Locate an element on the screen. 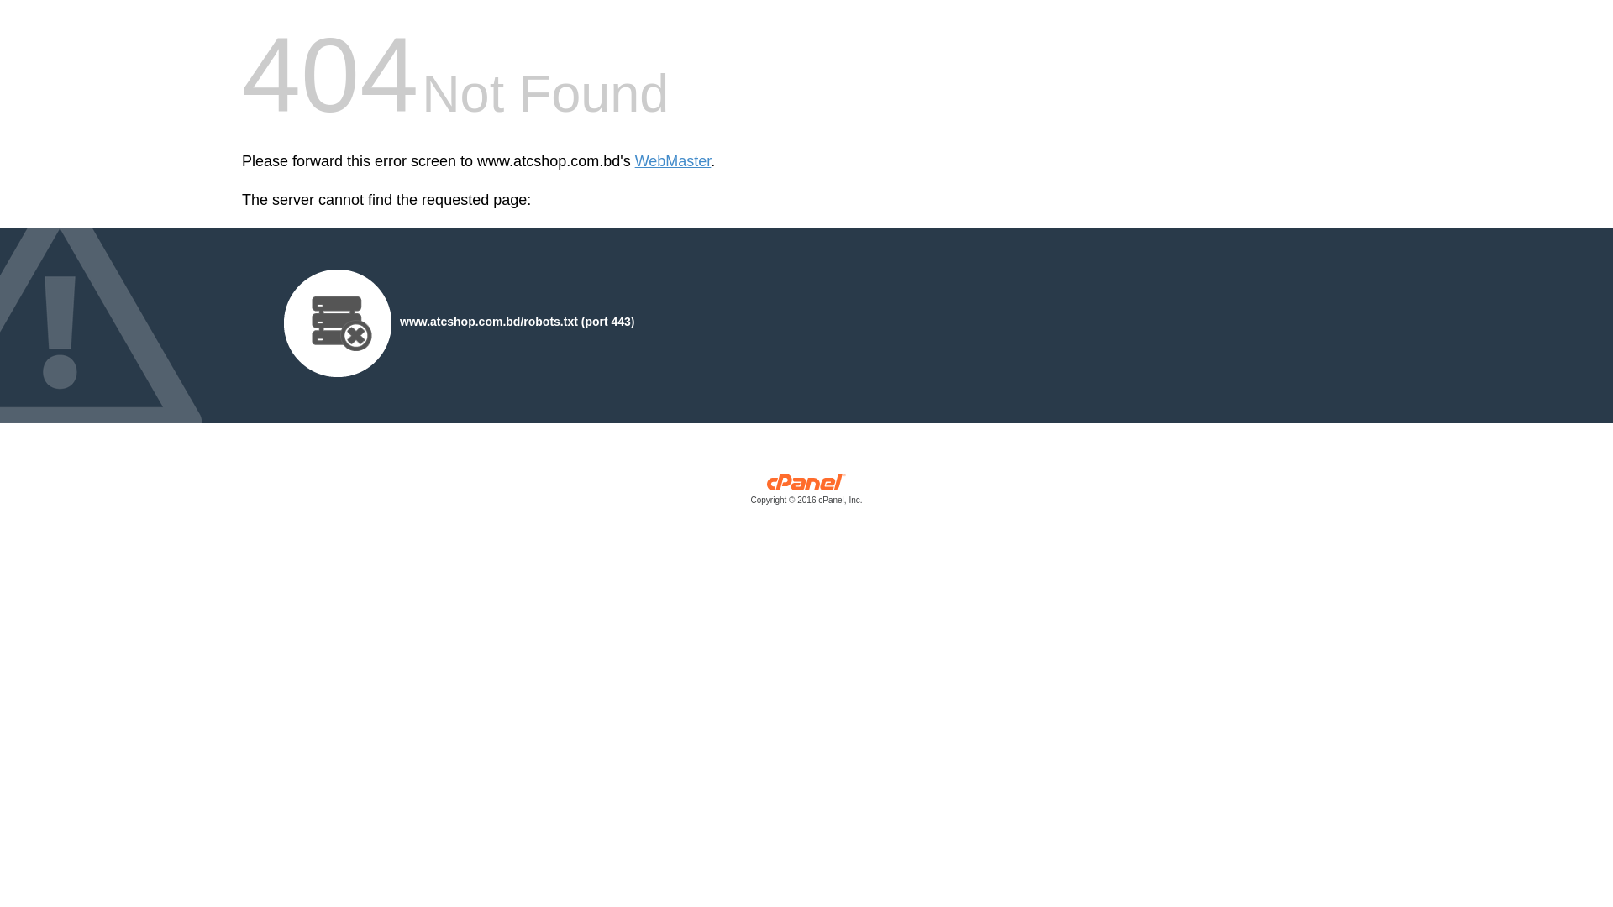 The image size is (1613, 907). 'WebMaster' is located at coordinates (673, 161).